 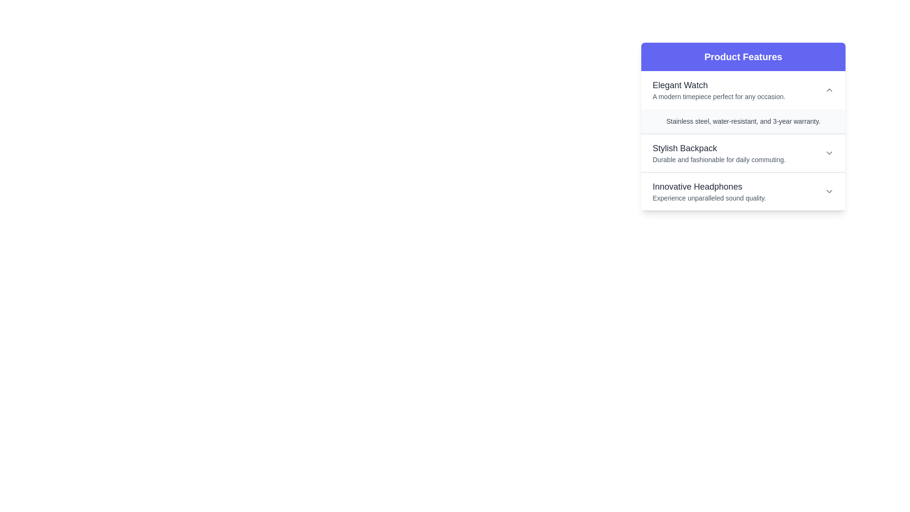 What do you see at coordinates (709, 192) in the screenshot?
I see `the text display component featuring 'Innovative Headphones' and 'Experience unparalleled sound quality.' which is located in the 'Product Features' section, specifically the third item in the listing` at bounding box center [709, 192].